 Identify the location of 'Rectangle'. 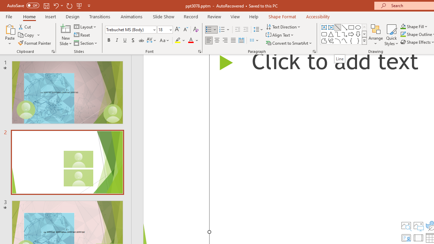
(351, 27).